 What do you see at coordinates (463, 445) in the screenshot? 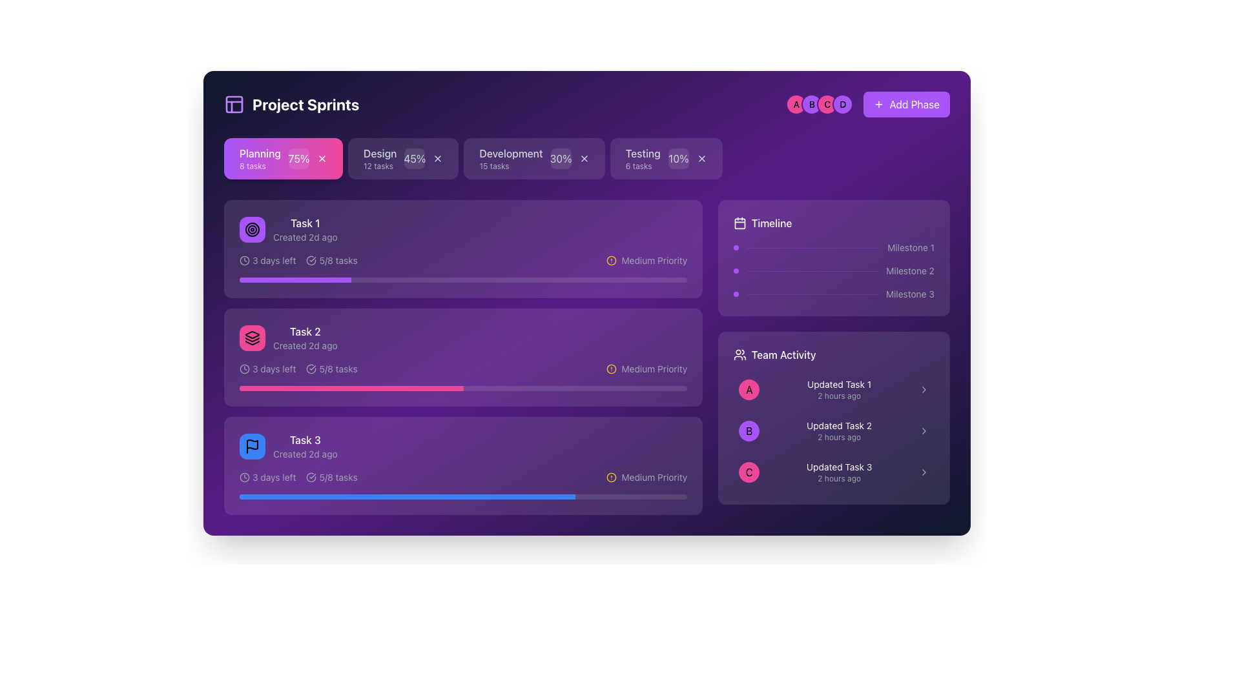
I see `the task overview row for 'Task 3' in the 'Project Sprints' section` at bounding box center [463, 445].